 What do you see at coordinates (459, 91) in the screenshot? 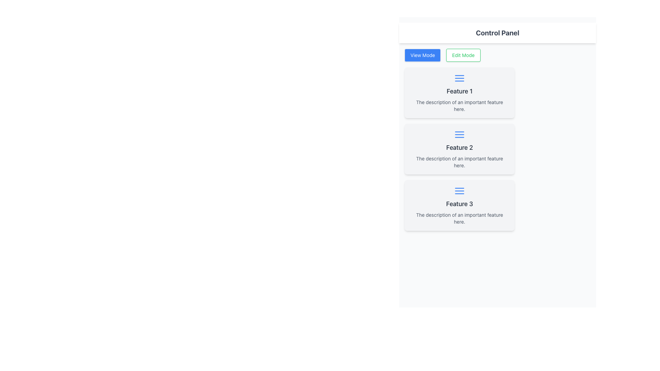
I see `the title or heading text element located in the first card of the vertically stacked cards, positioned below an icon and above descriptive text` at bounding box center [459, 91].